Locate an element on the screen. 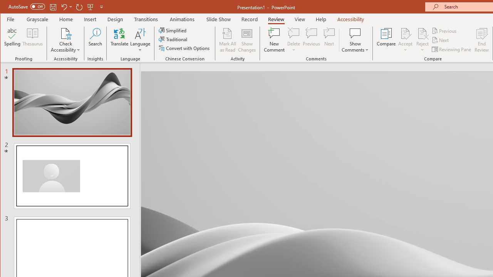 This screenshot has width=493, height=277. 'Simplified' is located at coordinates (173, 30).